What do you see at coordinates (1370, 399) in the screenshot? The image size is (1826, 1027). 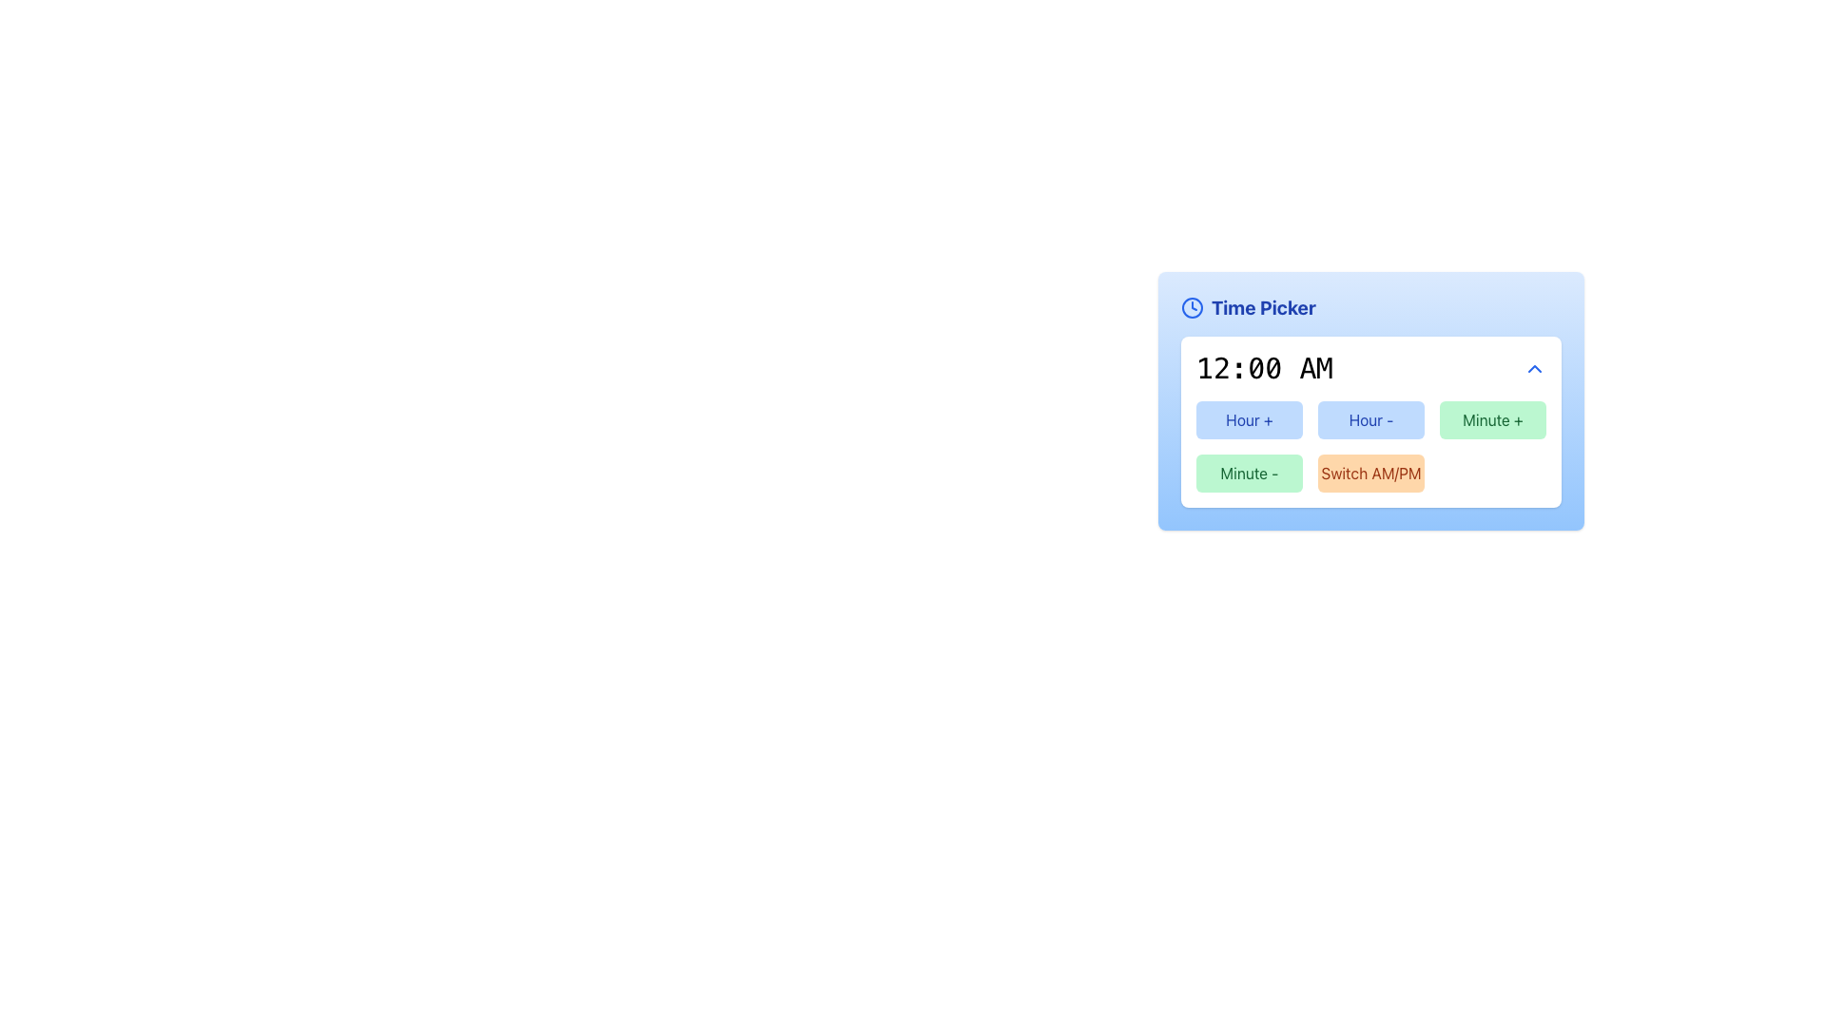 I see `the second button in the time-picker component to decrease the hour value` at bounding box center [1370, 399].